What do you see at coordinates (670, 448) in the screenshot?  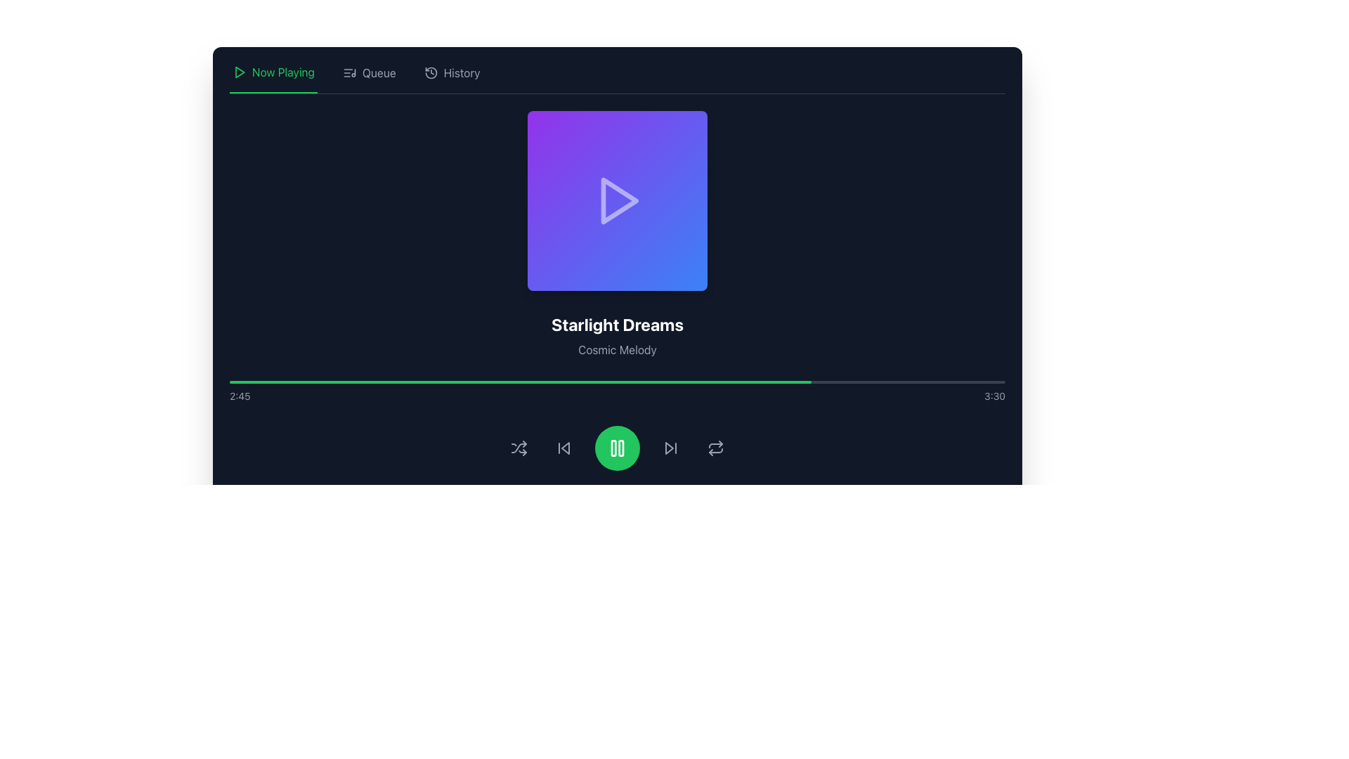 I see `the skip forward button, which is represented by a triangular arrow pointing to the right with a vertical bar, located as the fourth button from the left in the control button set at the bottom center of the interface, to skip to the next track` at bounding box center [670, 448].